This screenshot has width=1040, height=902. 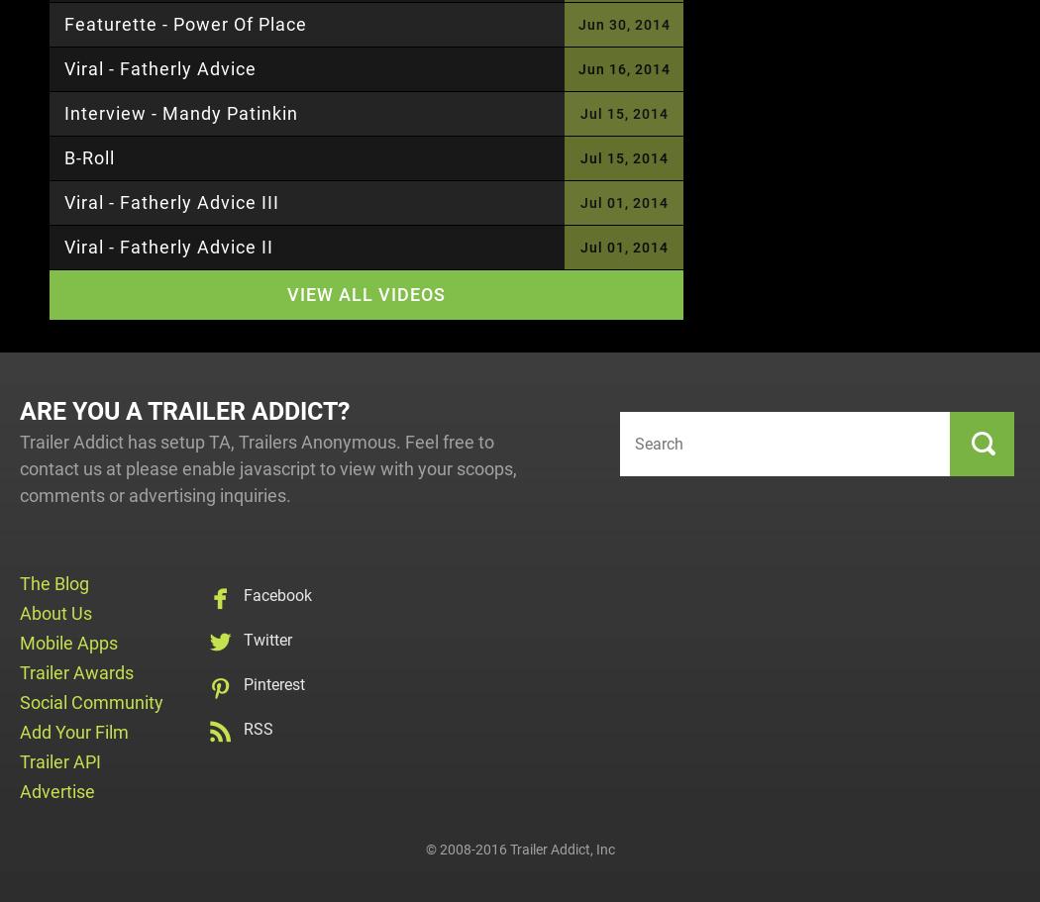 What do you see at coordinates (518, 848) in the screenshot?
I see `'© 2008-2016 Trailer Addict, Inc'` at bounding box center [518, 848].